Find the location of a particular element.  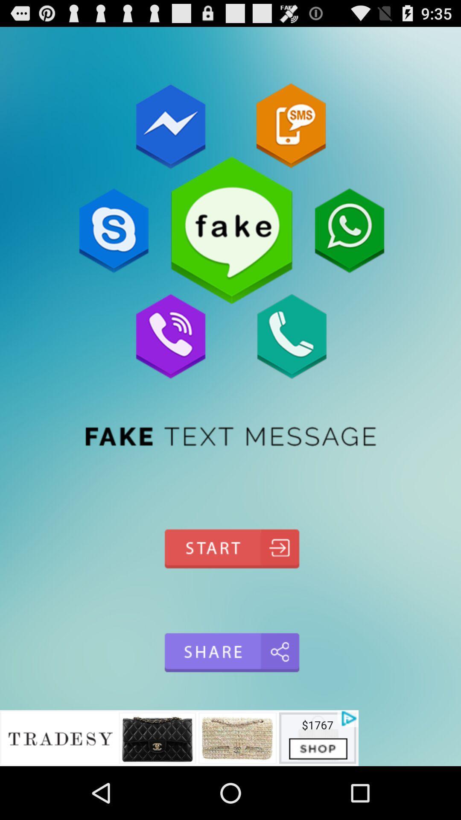

share option is located at coordinates (230, 652).